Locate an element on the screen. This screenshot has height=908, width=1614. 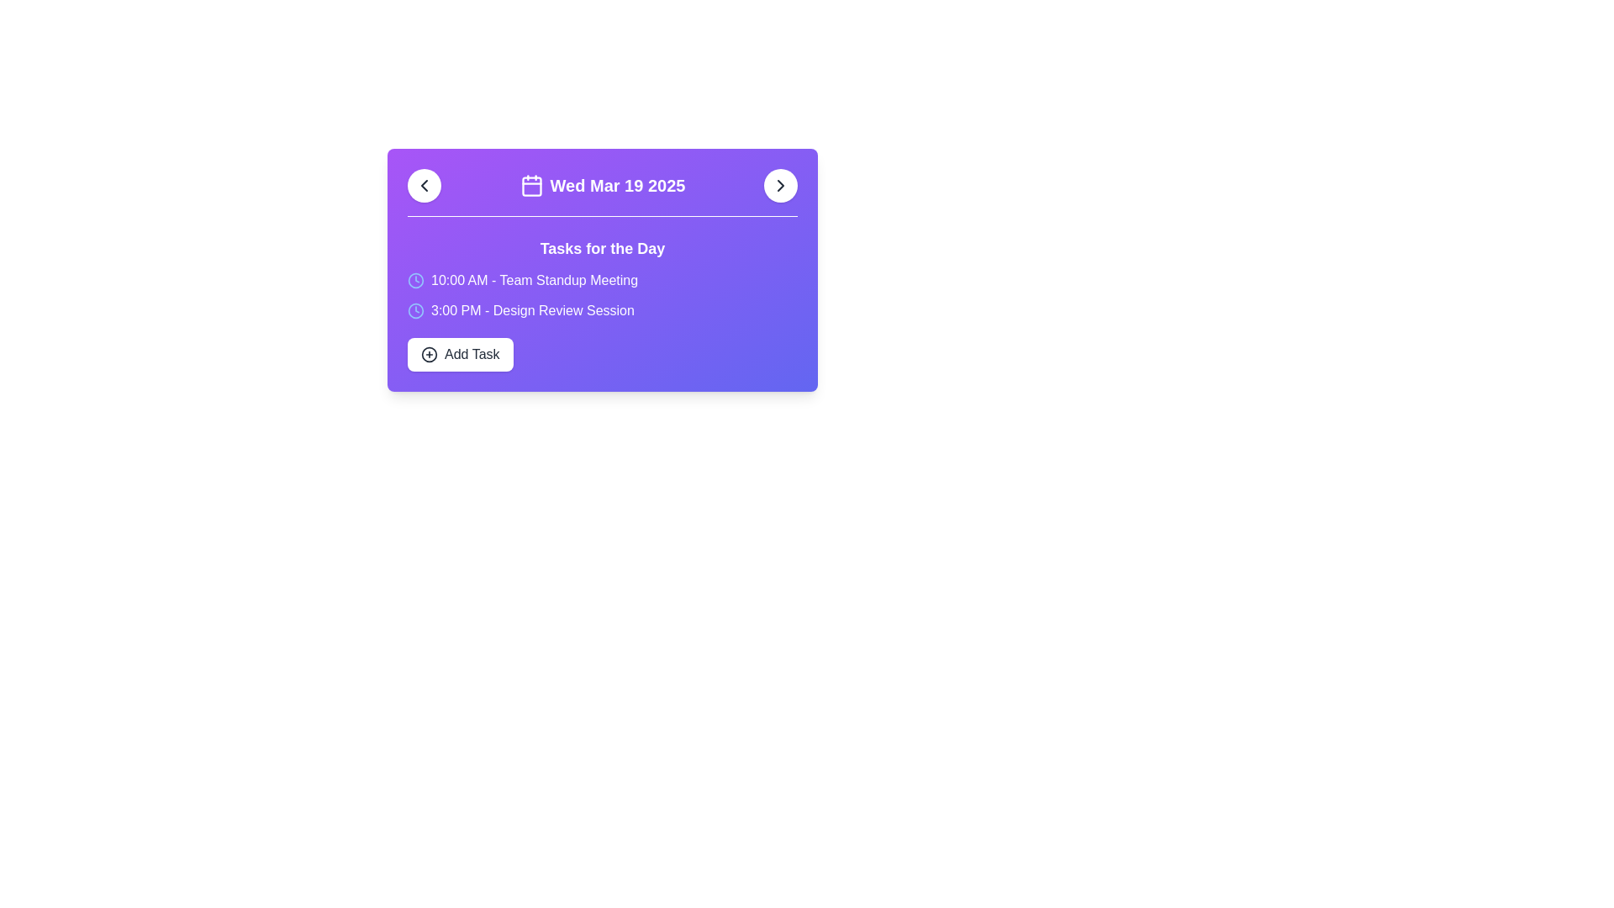
the second task in the 'Tasks for the Day' section, which displays the scheduled task's time and description, located between the '10:00 AM - Team Standup Meeting' and 'Add Task' button is located at coordinates (531, 311).